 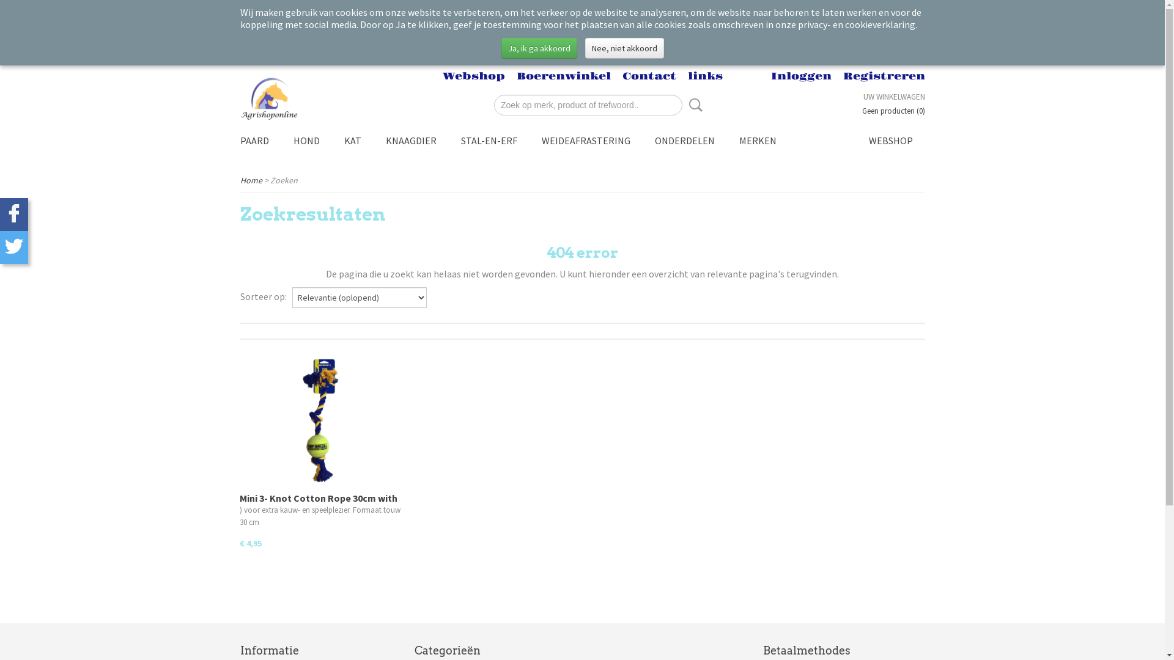 I want to click on 'Webshop', so click(x=473, y=76).